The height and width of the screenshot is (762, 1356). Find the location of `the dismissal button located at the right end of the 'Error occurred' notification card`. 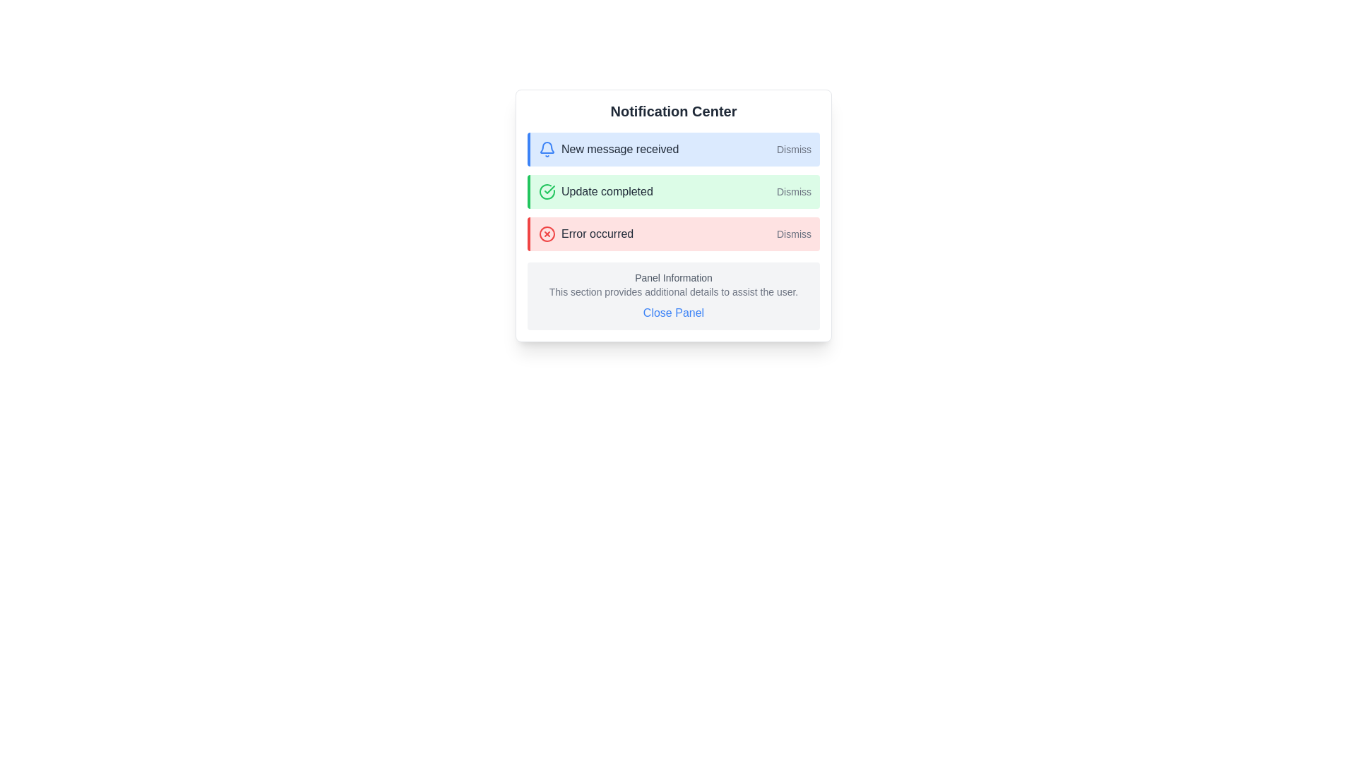

the dismissal button located at the right end of the 'Error occurred' notification card is located at coordinates (794, 233).